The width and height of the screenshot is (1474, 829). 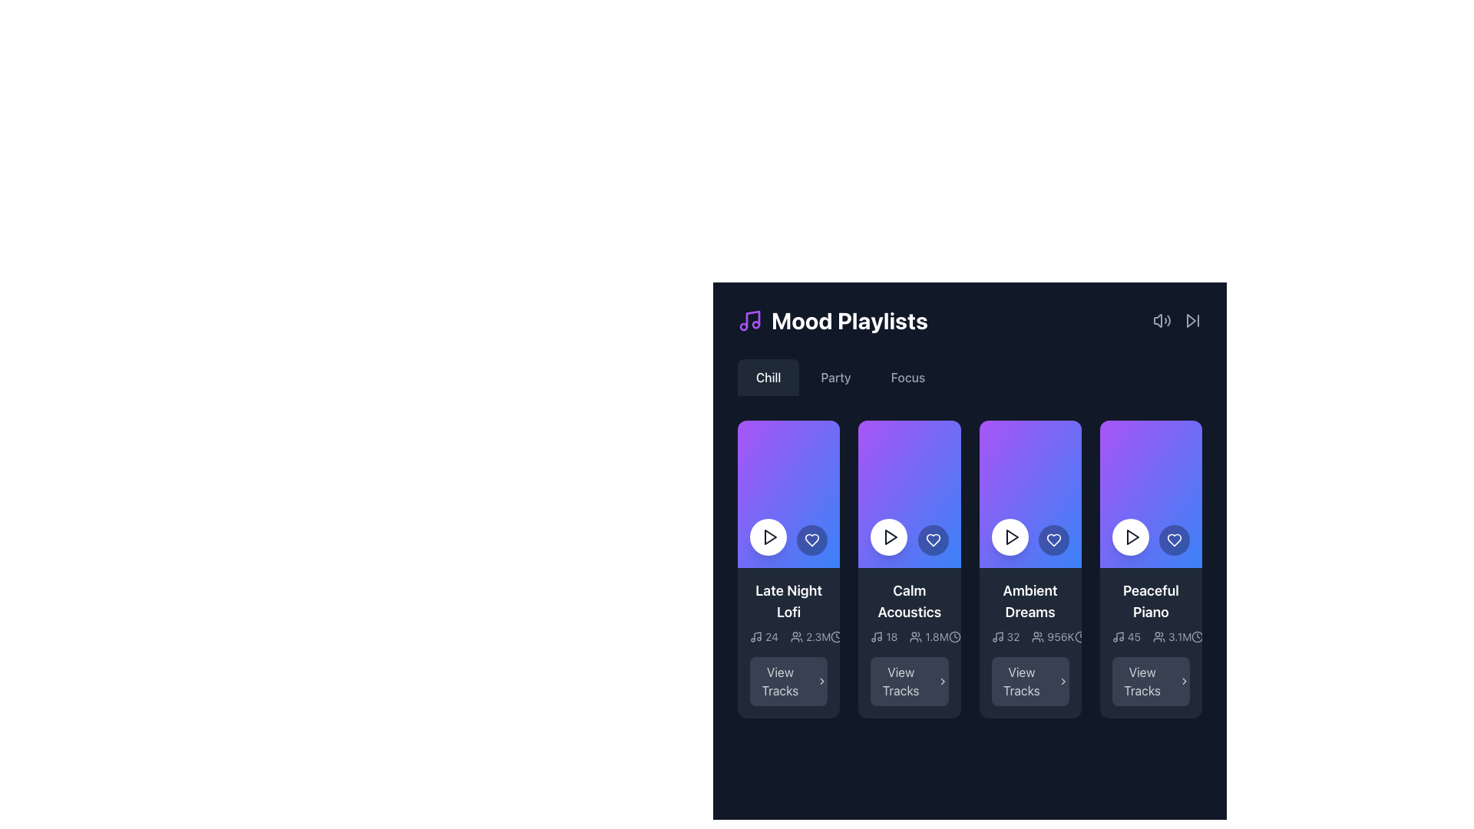 I want to click on the 'Party' button, which is a rectangular button with a rounded border located under the header 'Mood Playlists', positioned between the 'Chill' and 'Focus' buttons, so click(x=835, y=378).